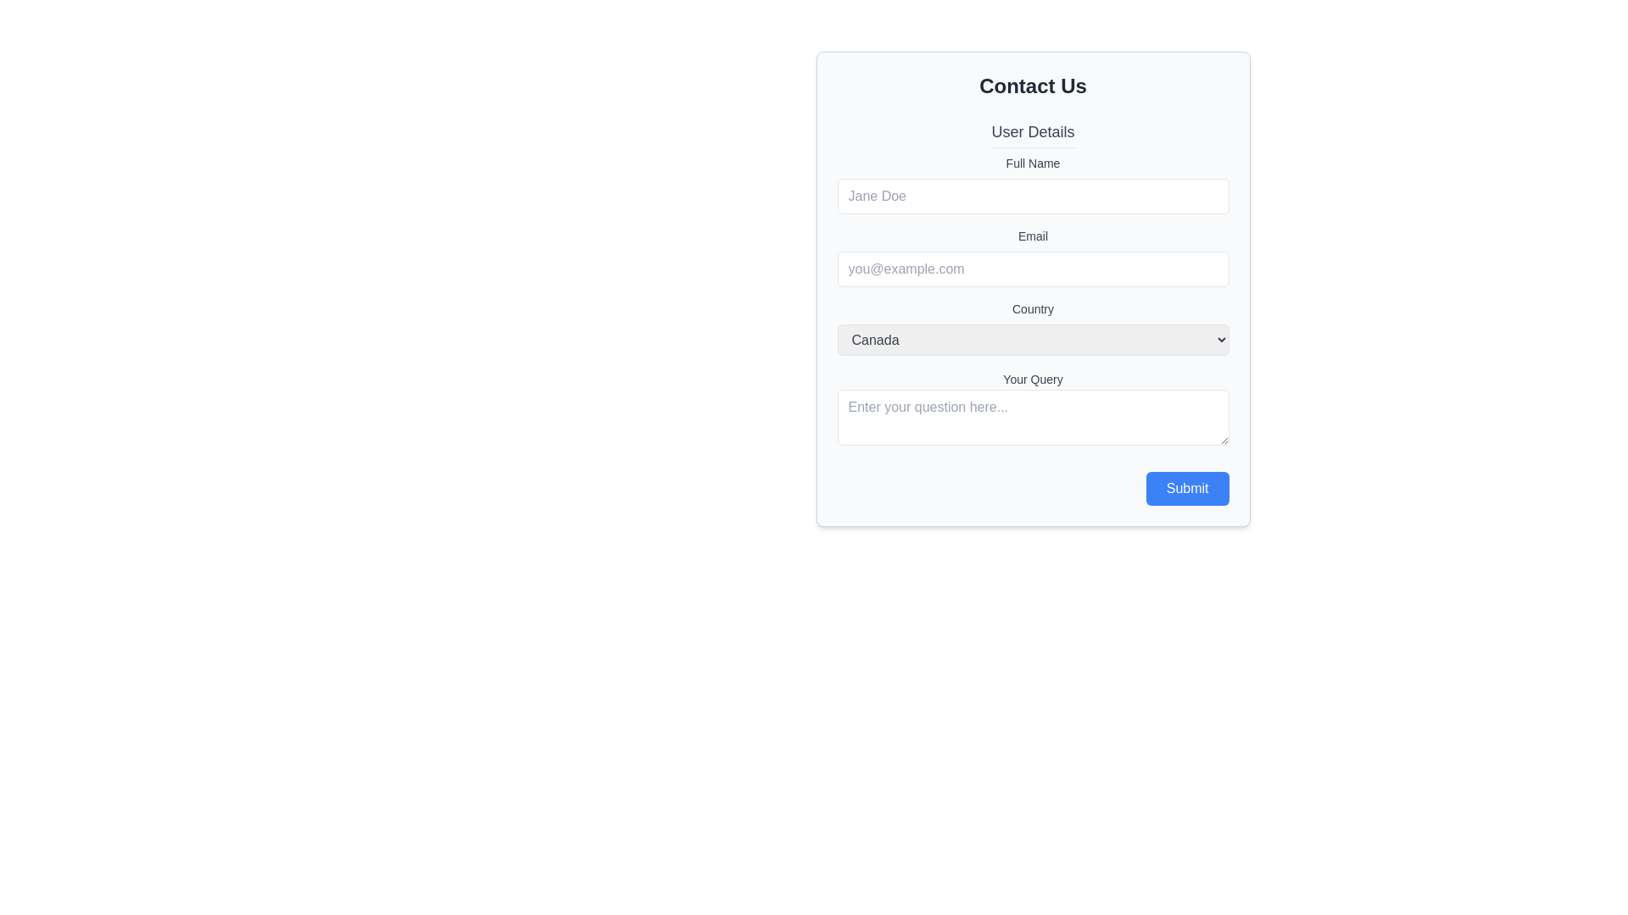 This screenshot has width=1628, height=915. Describe the element at coordinates (1032, 238) in the screenshot. I see `the 'User Details' input form section which contains fields for 'Full Name', 'Email', and 'Country'` at that location.